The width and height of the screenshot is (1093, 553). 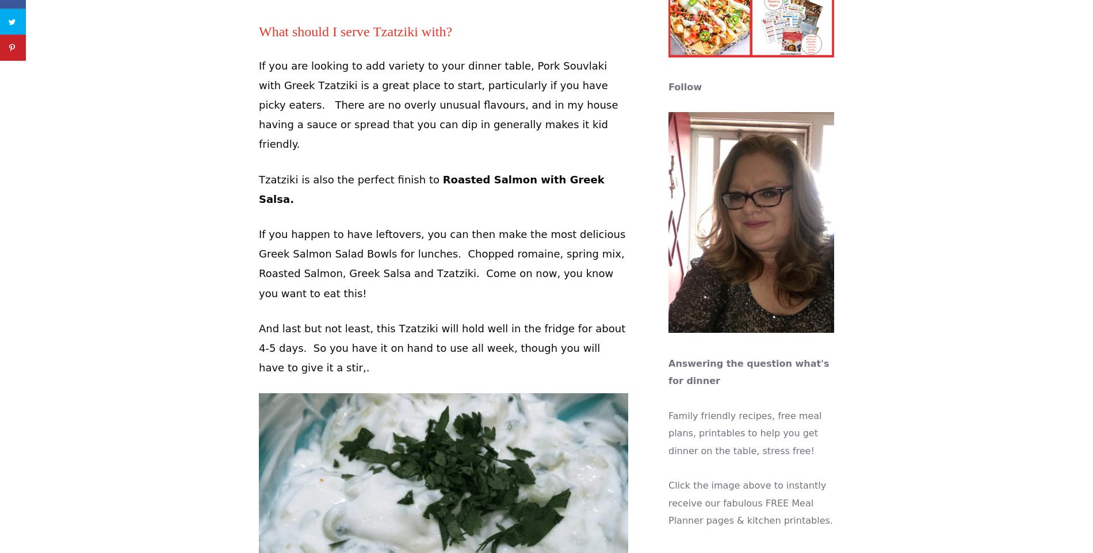 What do you see at coordinates (684, 86) in the screenshot?
I see `'Follow'` at bounding box center [684, 86].